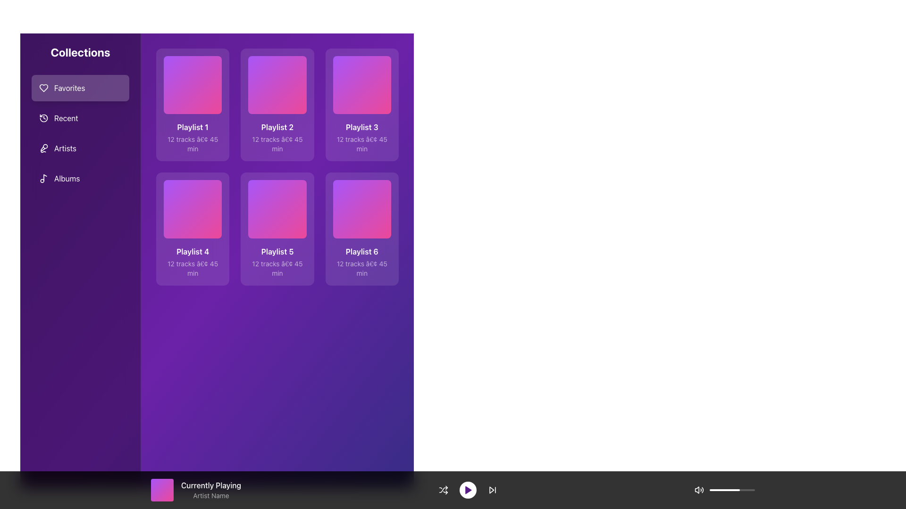  Describe the element at coordinates (192, 251) in the screenshot. I see `the text label reading 'Playlist 4' that is styled in bold font, located within the playlist card under the 'Collections' section, beneath a gradient thumbnail` at that location.